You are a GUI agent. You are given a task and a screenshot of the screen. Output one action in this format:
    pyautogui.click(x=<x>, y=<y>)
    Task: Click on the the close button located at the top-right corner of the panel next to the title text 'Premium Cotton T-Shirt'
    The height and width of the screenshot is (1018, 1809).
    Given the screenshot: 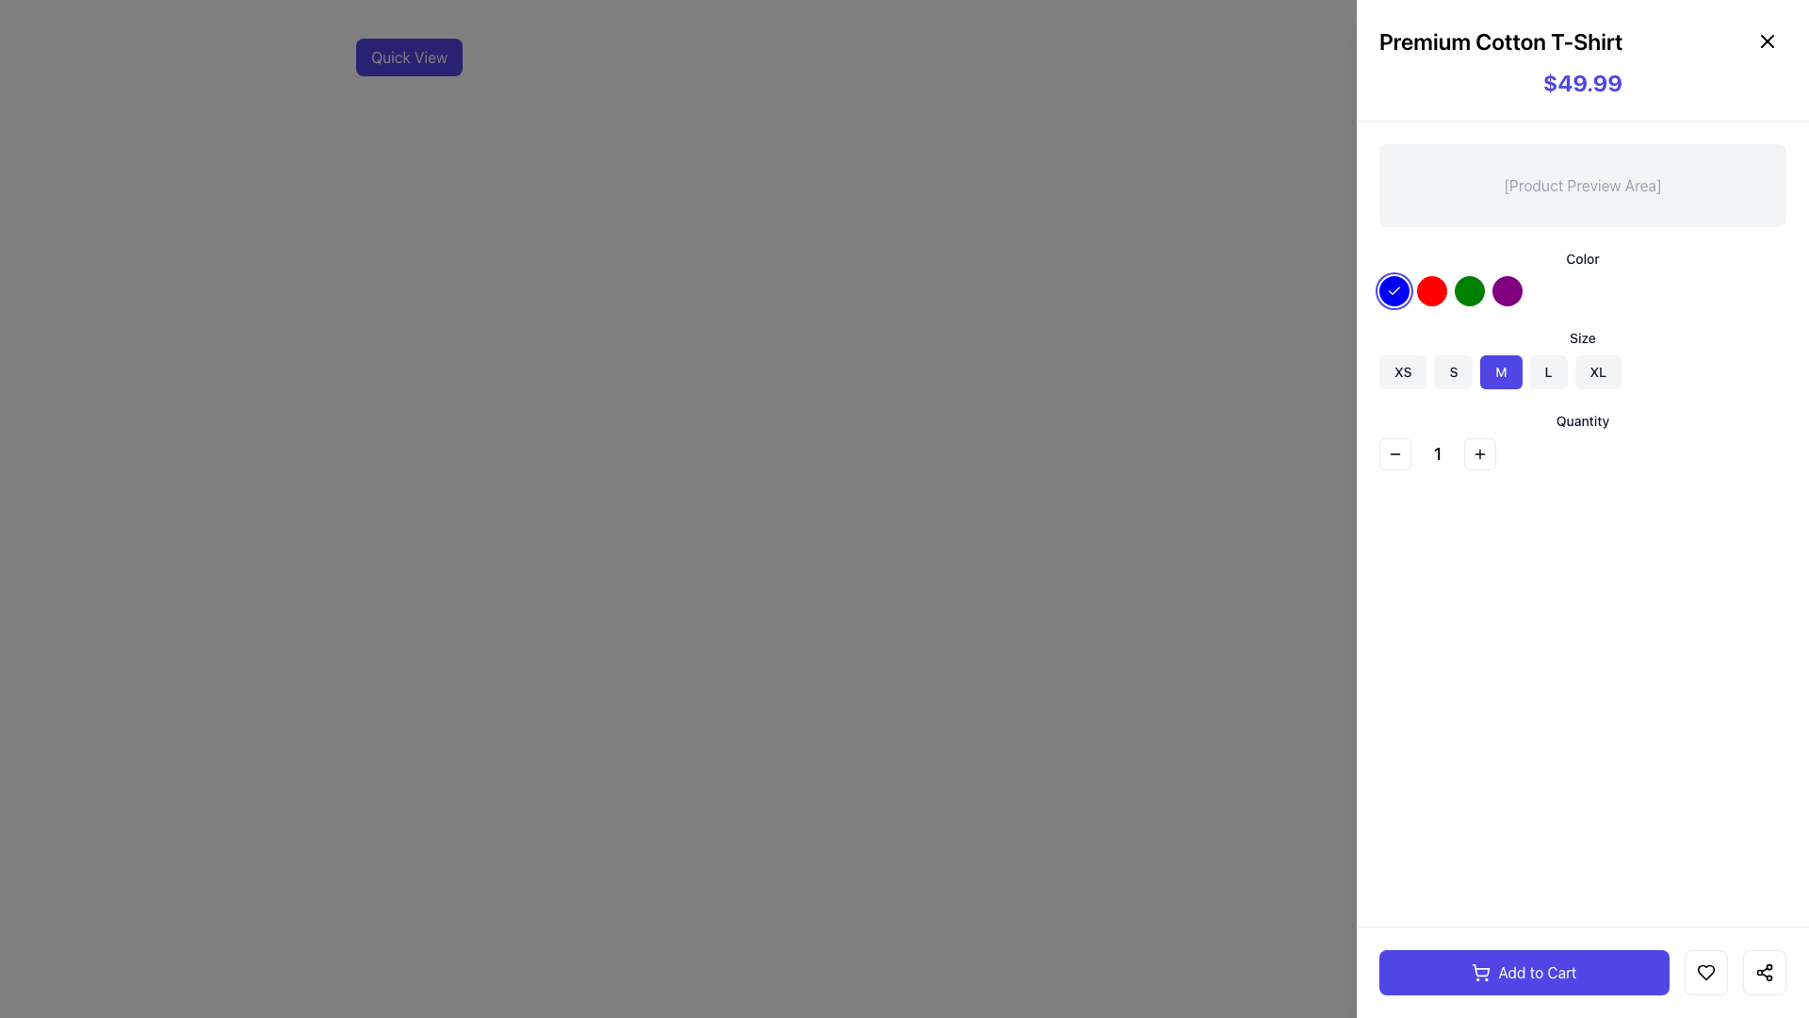 What is the action you would take?
    pyautogui.click(x=1767, y=41)
    